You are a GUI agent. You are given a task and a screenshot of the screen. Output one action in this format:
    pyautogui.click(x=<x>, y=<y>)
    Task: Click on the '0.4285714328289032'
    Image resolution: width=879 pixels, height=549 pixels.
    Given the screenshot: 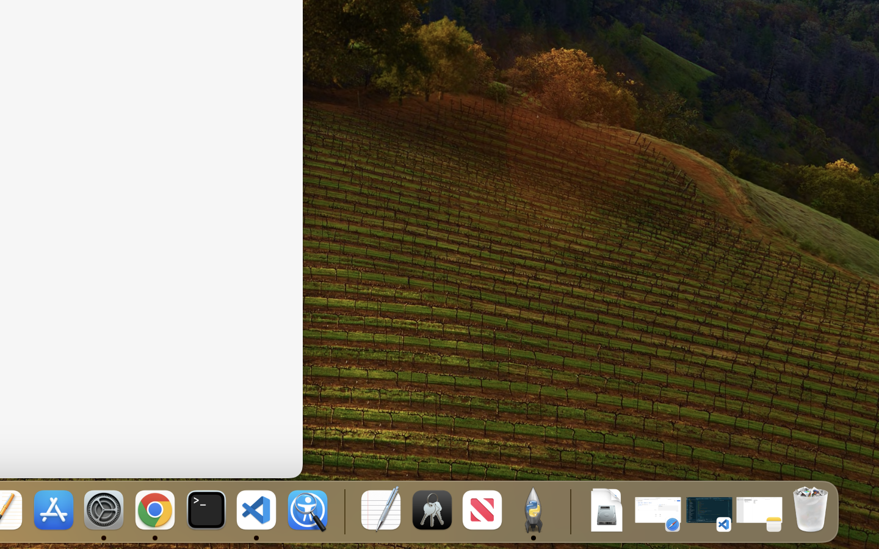 What is the action you would take?
    pyautogui.click(x=343, y=511)
    